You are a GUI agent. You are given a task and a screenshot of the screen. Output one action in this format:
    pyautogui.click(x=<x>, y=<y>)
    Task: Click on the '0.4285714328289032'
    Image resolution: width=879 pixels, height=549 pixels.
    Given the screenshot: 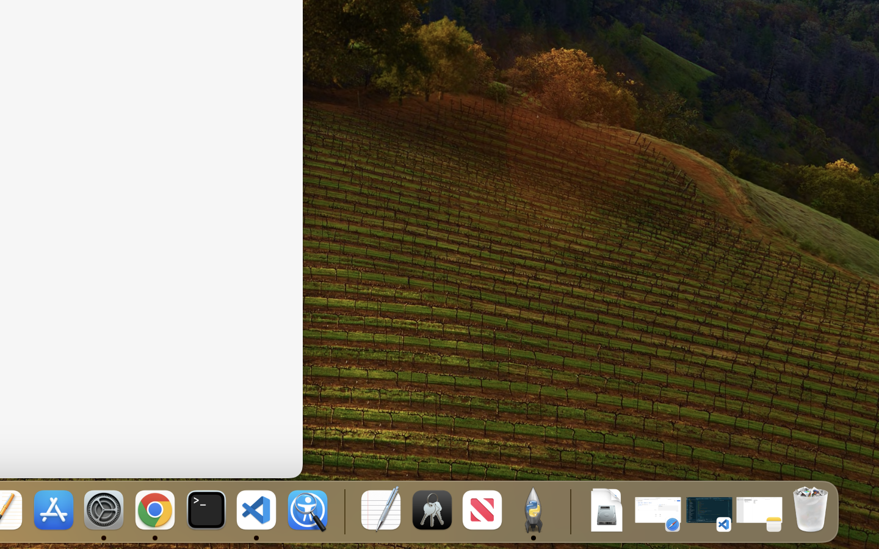 What is the action you would take?
    pyautogui.click(x=343, y=511)
    